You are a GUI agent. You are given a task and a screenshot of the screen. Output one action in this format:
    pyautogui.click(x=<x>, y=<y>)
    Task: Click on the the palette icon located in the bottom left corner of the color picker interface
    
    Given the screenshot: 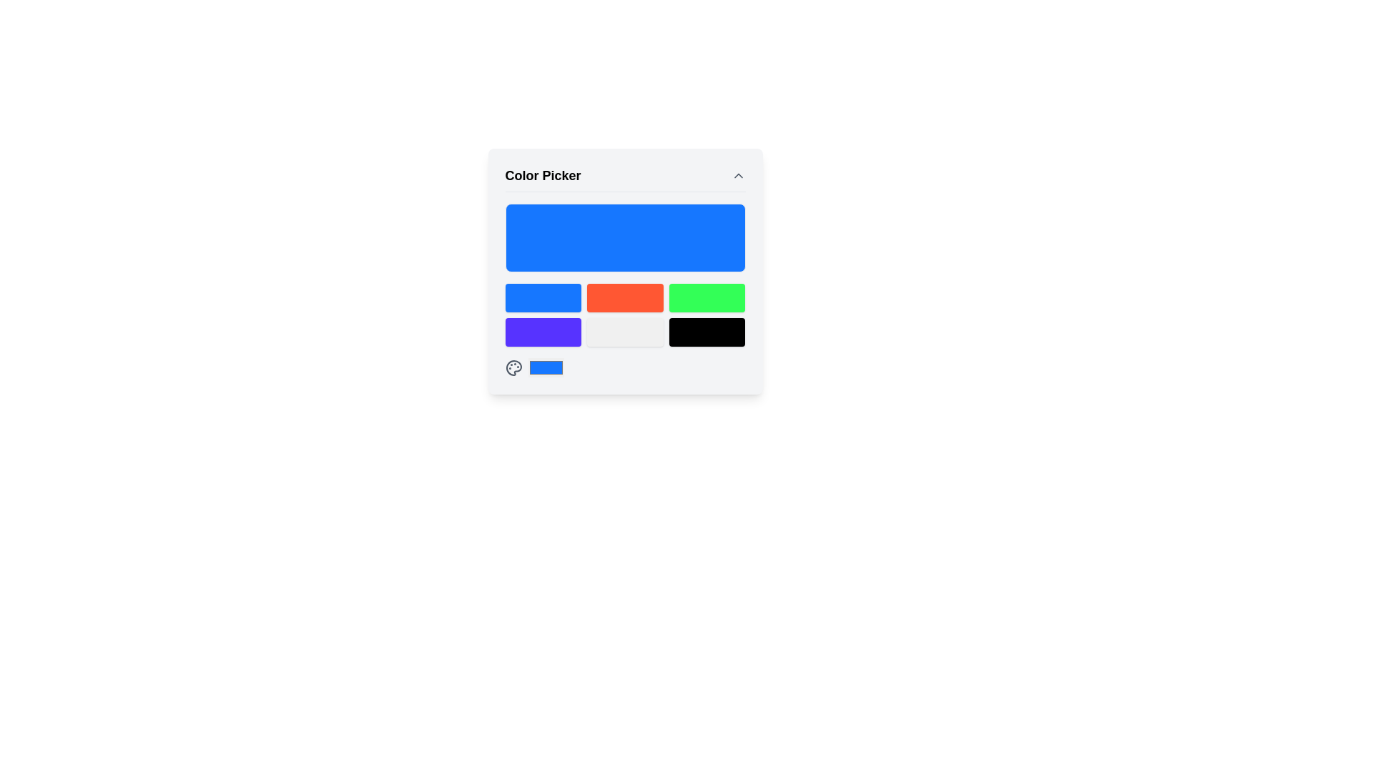 What is the action you would take?
    pyautogui.click(x=513, y=366)
    